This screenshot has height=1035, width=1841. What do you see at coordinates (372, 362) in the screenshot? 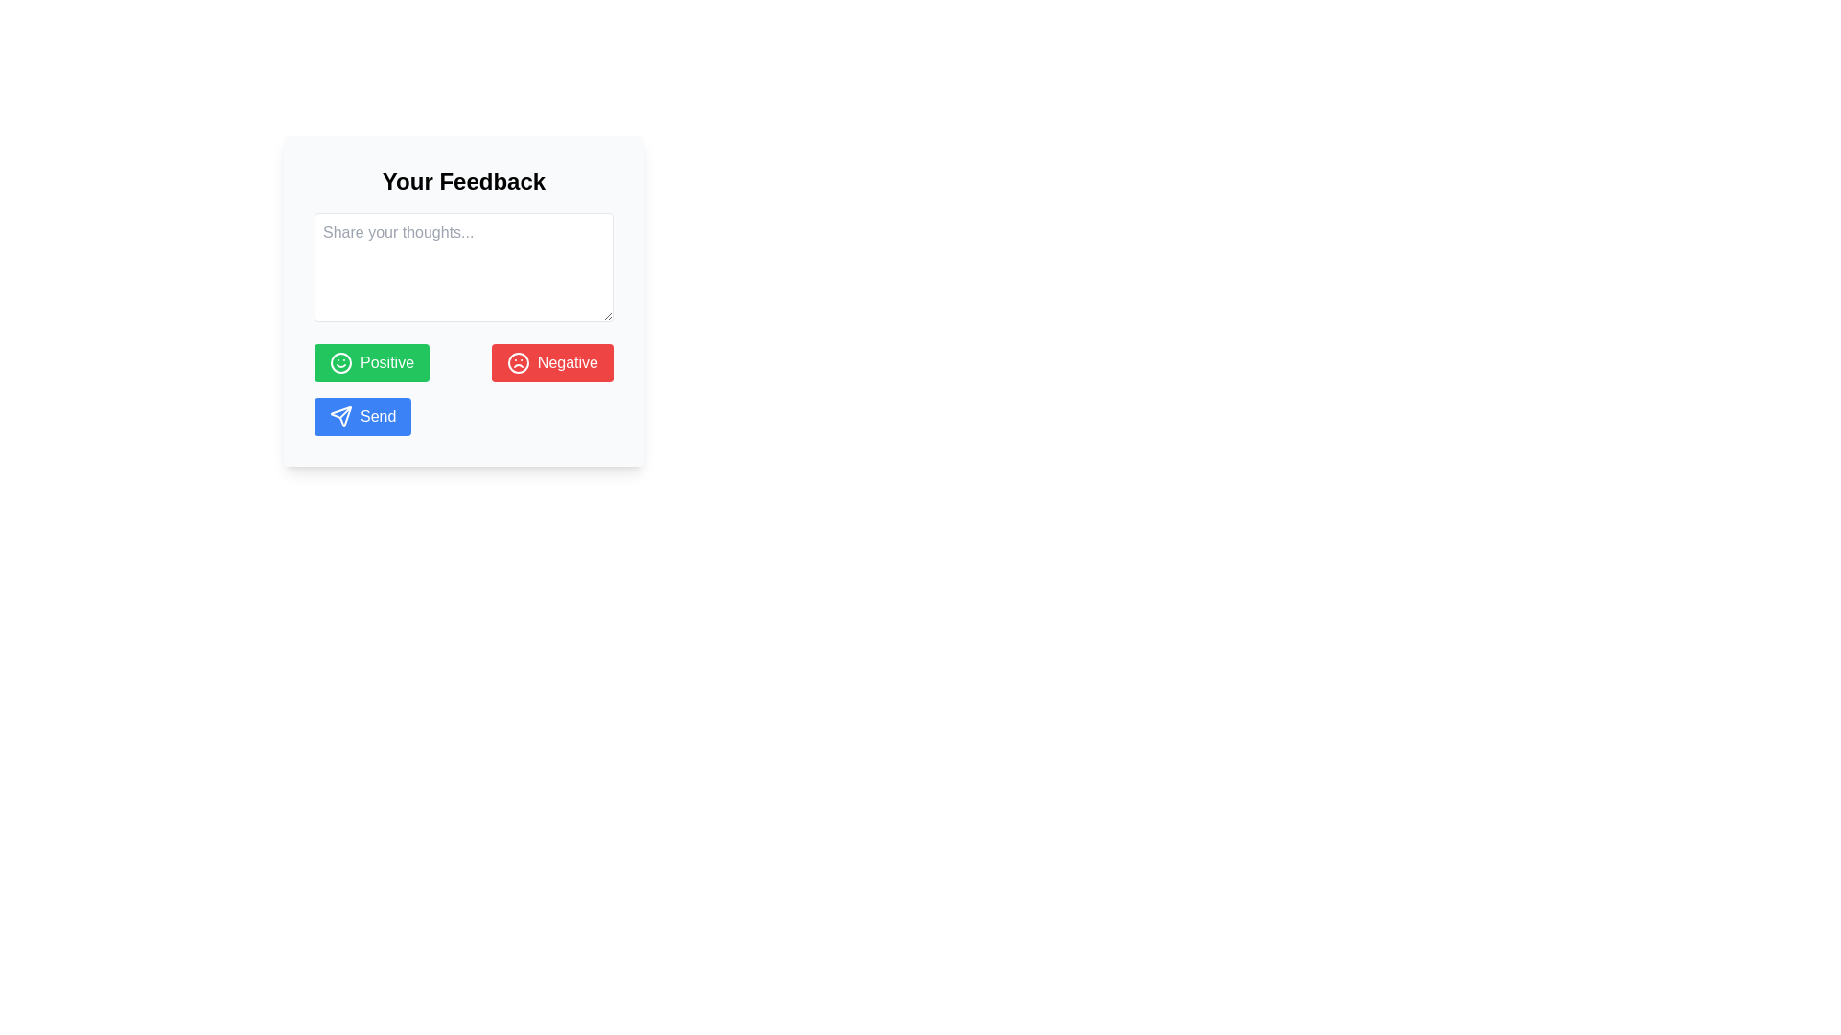
I see `the positive feedback button located in the top-left section of the feedback form layout` at bounding box center [372, 362].